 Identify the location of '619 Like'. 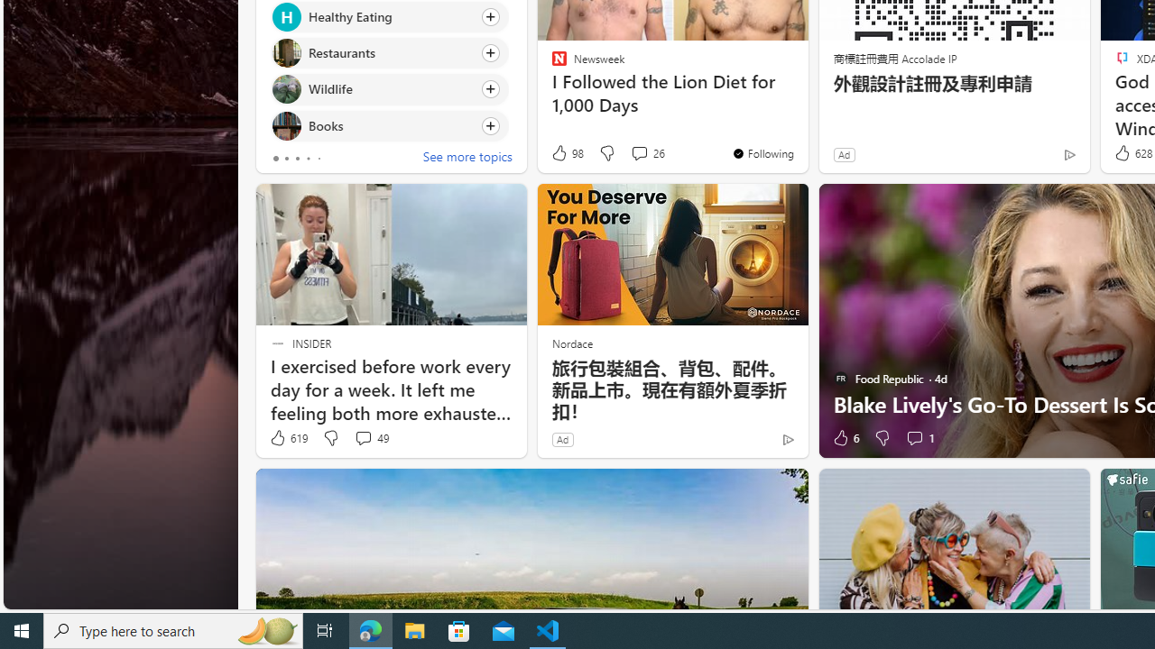
(287, 438).